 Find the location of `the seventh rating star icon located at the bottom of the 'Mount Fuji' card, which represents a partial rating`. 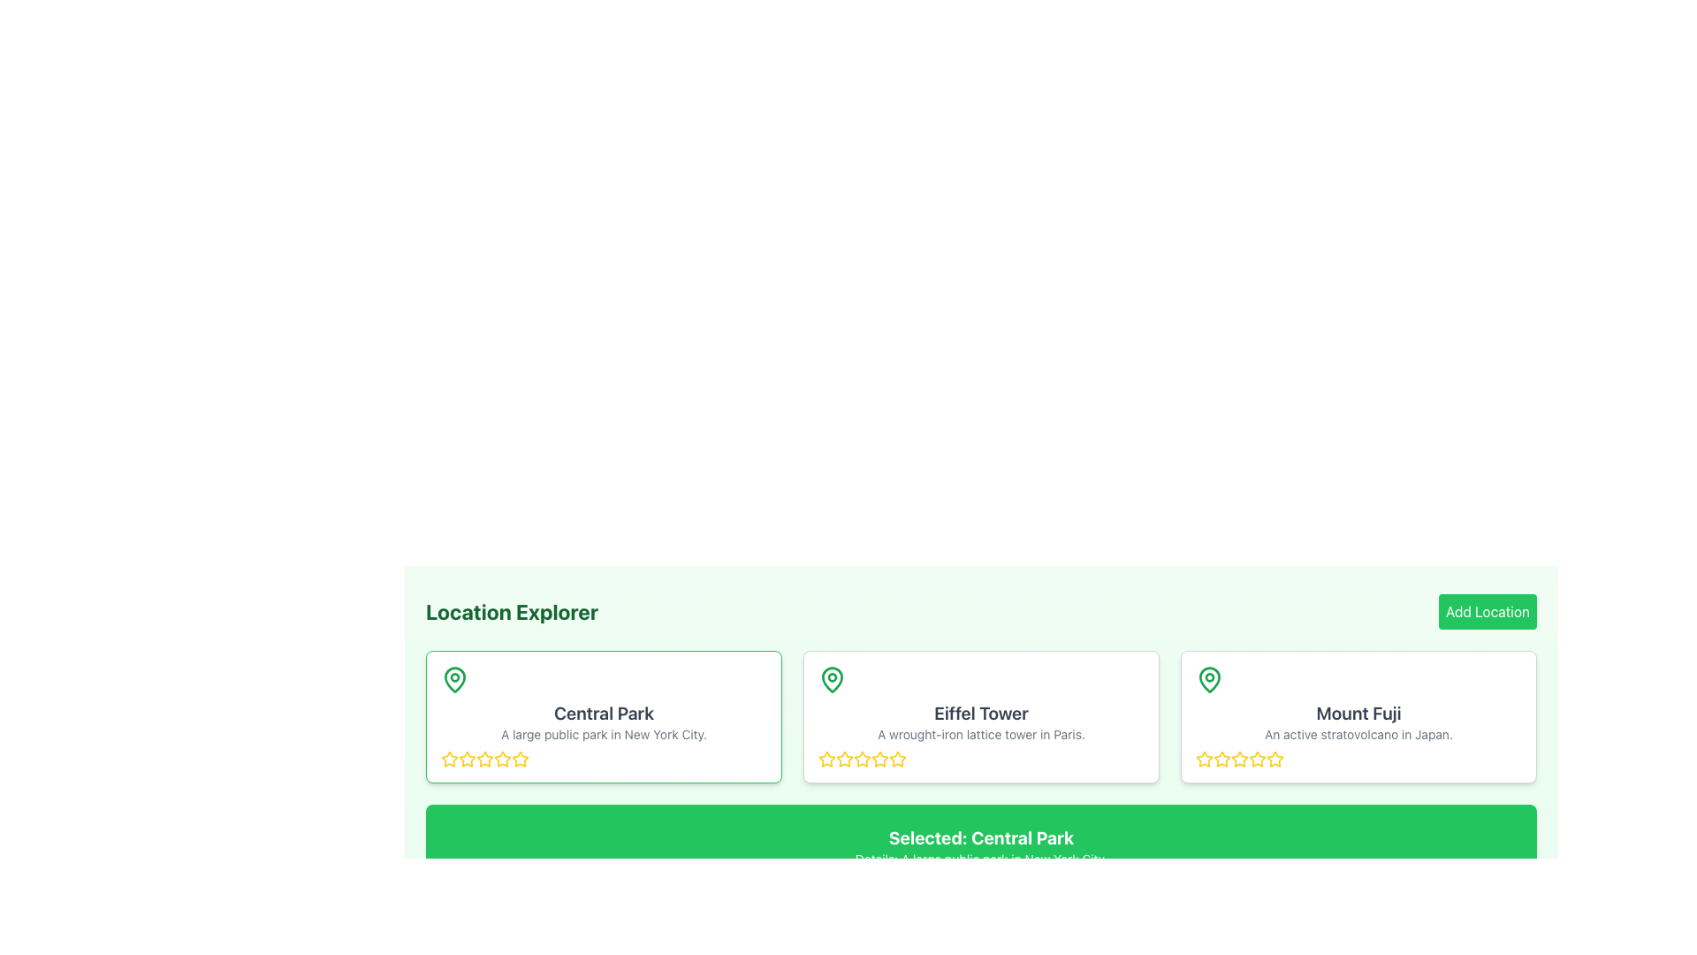

the seventh rating star icon located at the bottom of the 'Mount Fuji' card, which represents a partial rating is located at coordinates (1275, 759).